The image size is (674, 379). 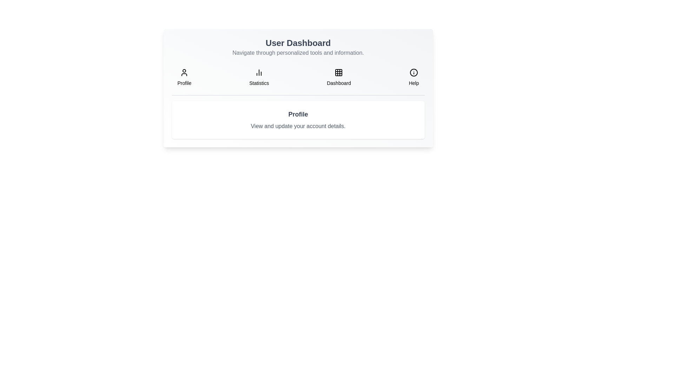 I want to click on the tab button labeled 'Dashboard' to observe its hover effect, so click(x=339, y=77).